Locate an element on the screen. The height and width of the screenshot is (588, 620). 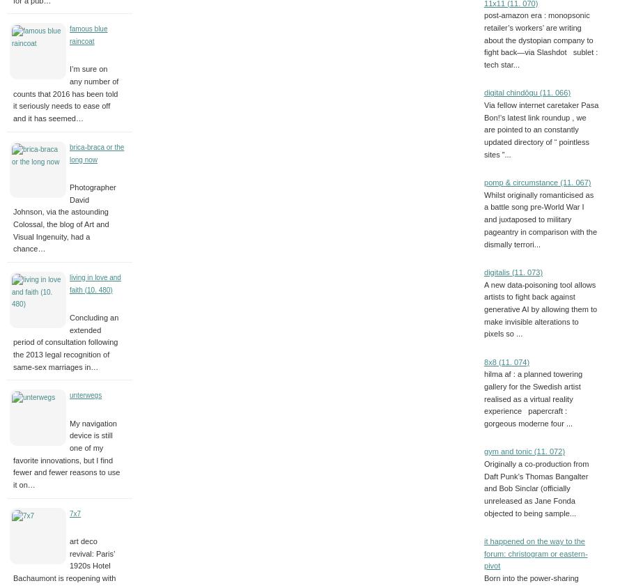
'A new data-poisoning tool  allows artists to fight back against generative AI by allowing them to make invisible alterations to pixels so ...' is located at coordinates (540, 308).